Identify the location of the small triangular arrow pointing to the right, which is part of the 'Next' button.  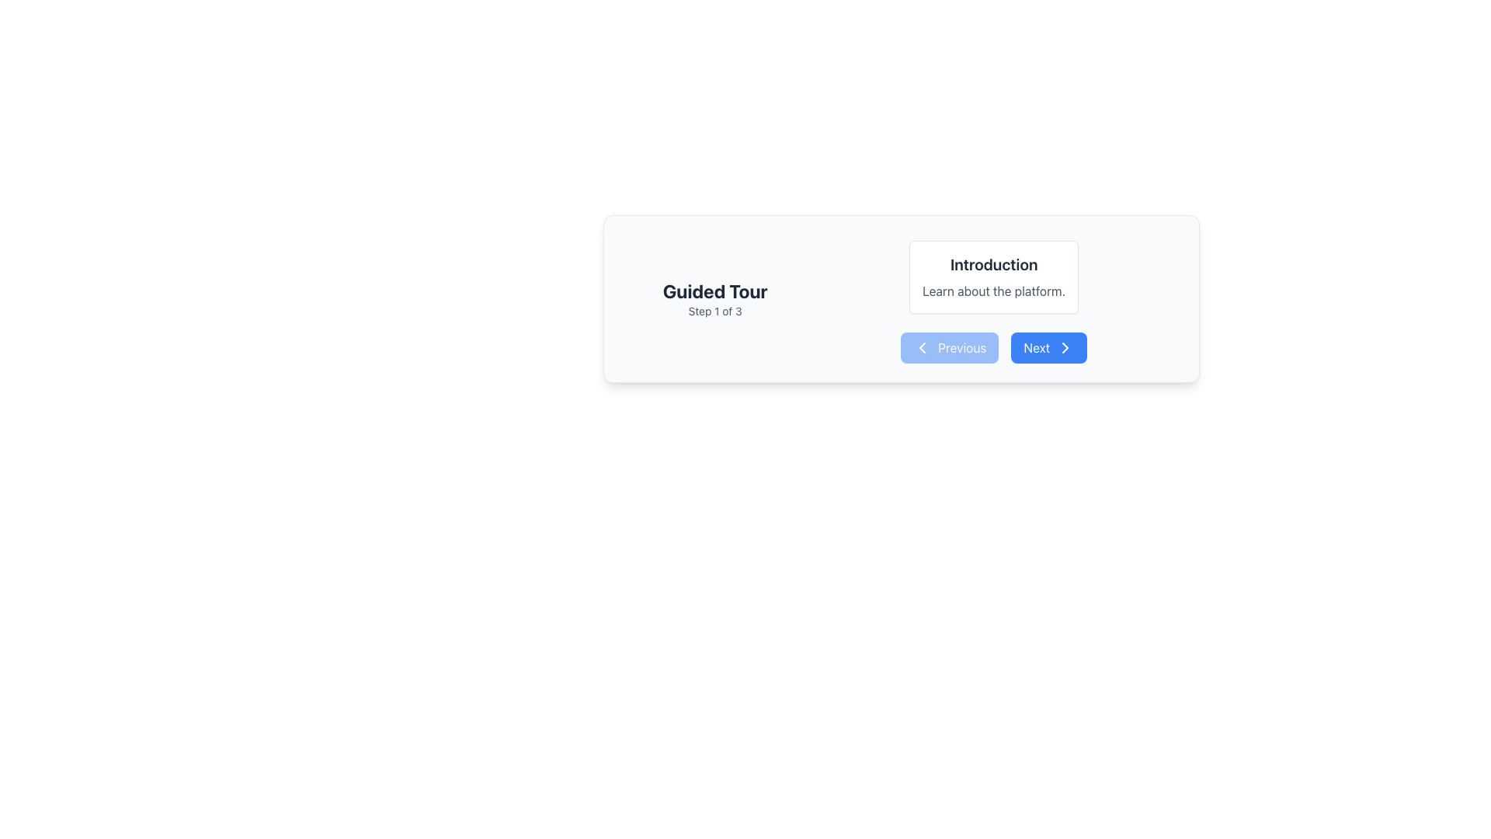
(1065, 346).